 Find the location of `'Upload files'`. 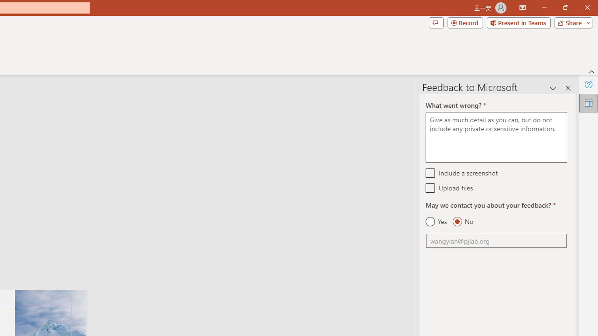

'Upload files' is located at coordinates (430, 188).